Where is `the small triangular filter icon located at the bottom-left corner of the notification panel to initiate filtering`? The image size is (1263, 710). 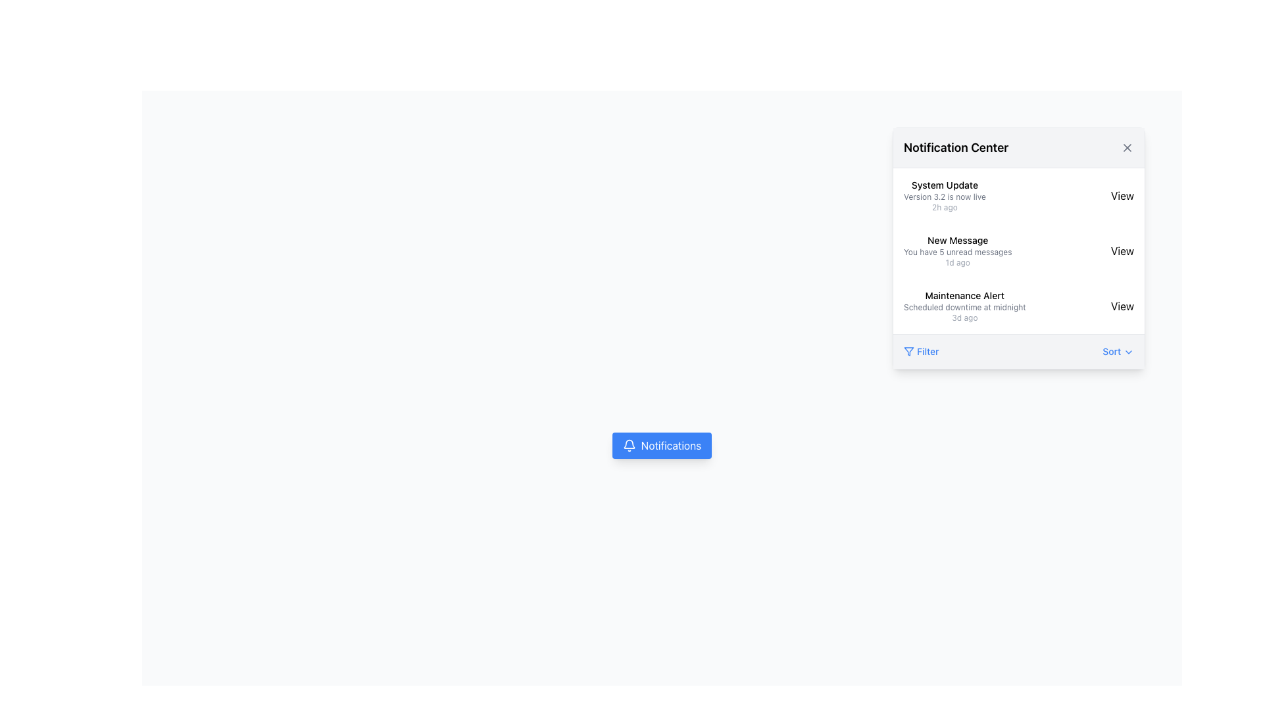 the small triangular filter icon located at the bottom-left corner of the notification panel to initiate filtering is located at coordinates (908, 351).